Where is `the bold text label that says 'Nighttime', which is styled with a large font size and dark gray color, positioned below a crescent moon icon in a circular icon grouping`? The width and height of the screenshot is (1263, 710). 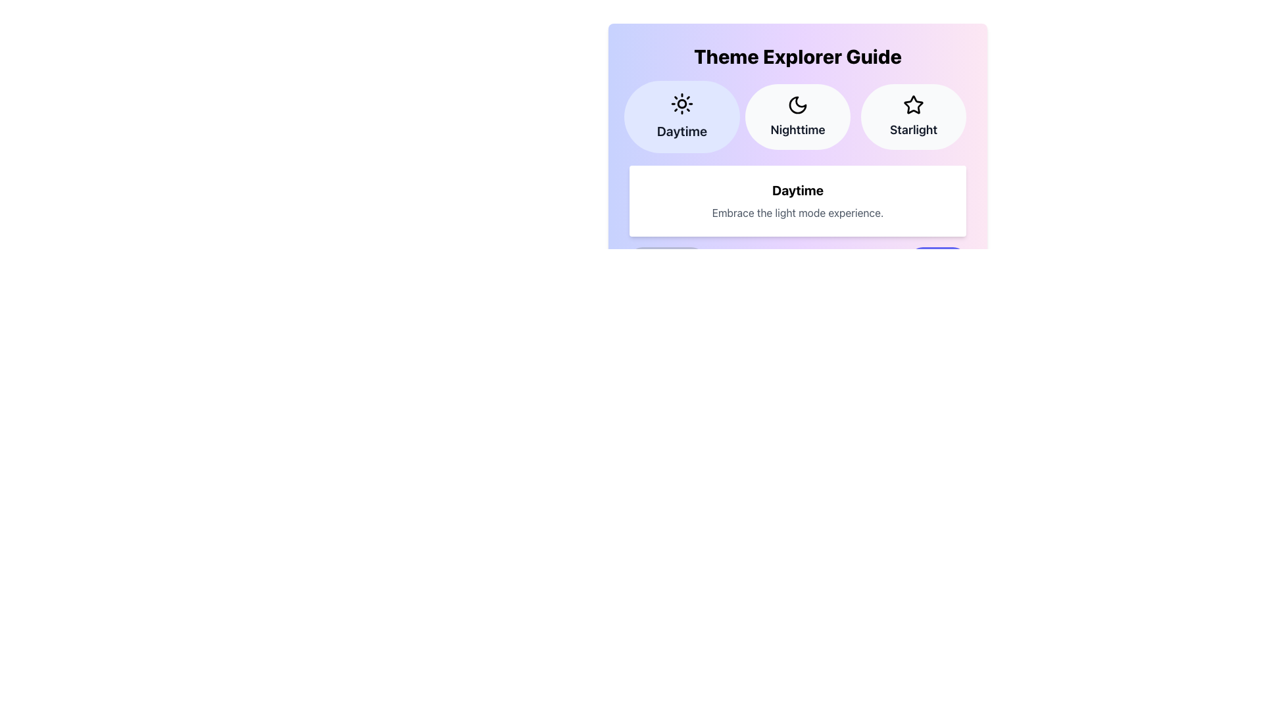 the bold text label that says 'Nighttime', which is styled with a large font size and dark gray color, positioned below a crescent moon icon in a circular icon grouping is located at coordinates (797, 130).